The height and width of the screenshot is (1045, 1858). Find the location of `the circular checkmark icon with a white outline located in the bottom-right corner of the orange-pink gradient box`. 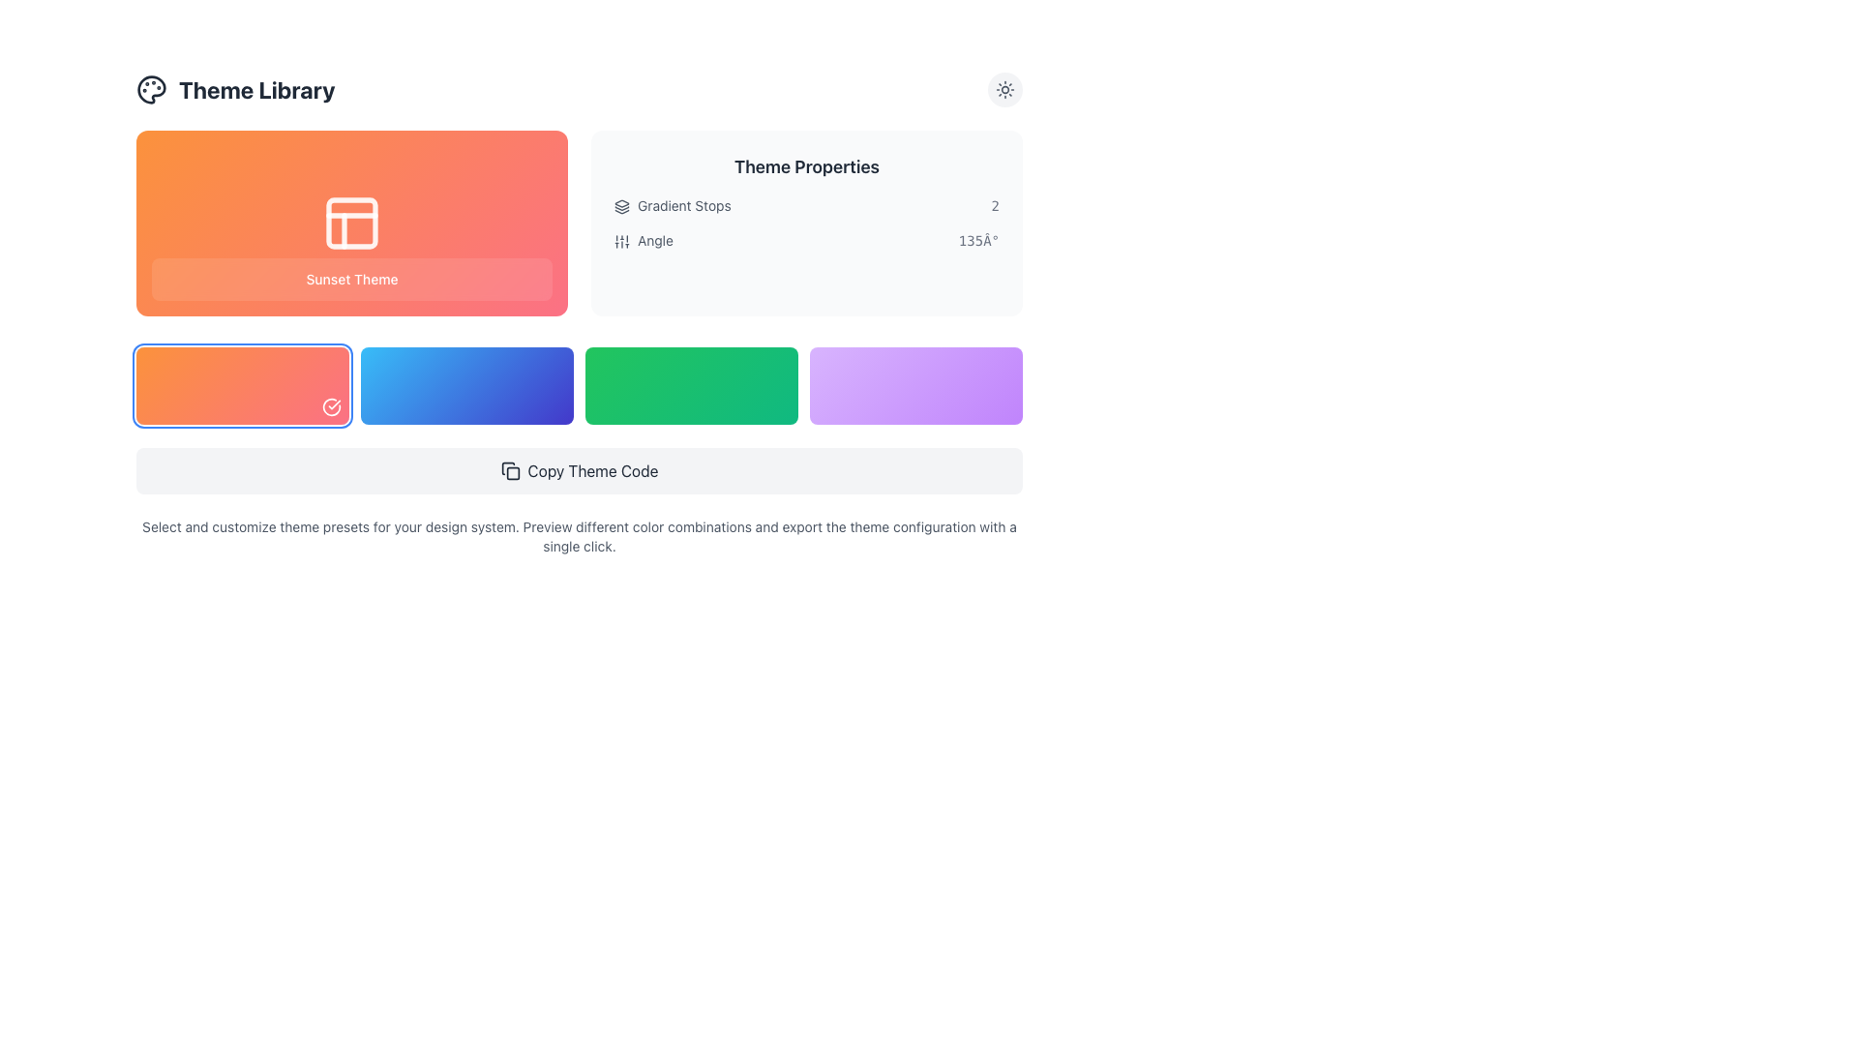

the circular checkmark icon with a white outline located in the bottom-right corner of the orange-pink gradient box is located at coordinates (331, 405).